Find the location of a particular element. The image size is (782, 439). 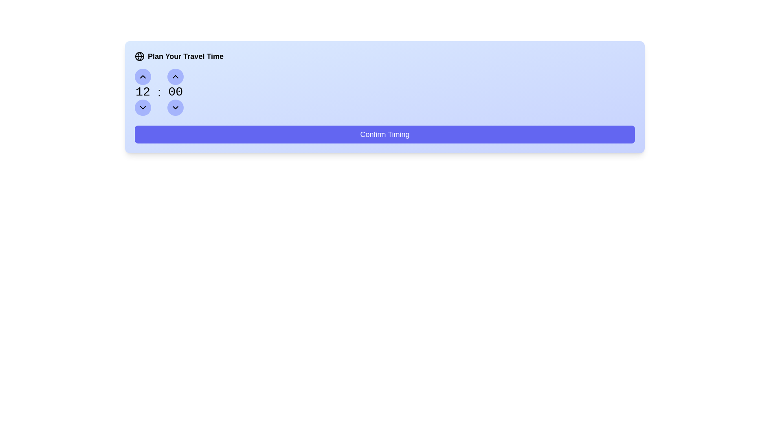

the separator text element that visually divides the hour and minute portions of the time display ('12:00') is located at coordinates (159, 92).